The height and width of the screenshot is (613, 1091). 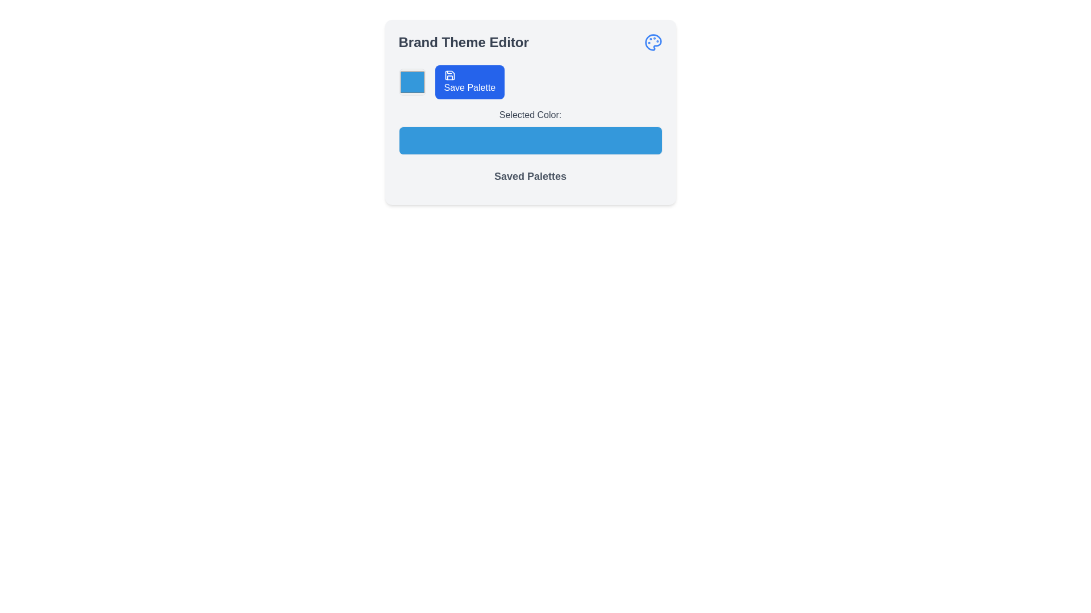 I want to click on the static title or heading located at the top-left area of the card-like section, adjacent to an icon on its right, so click(x=464, y=41).